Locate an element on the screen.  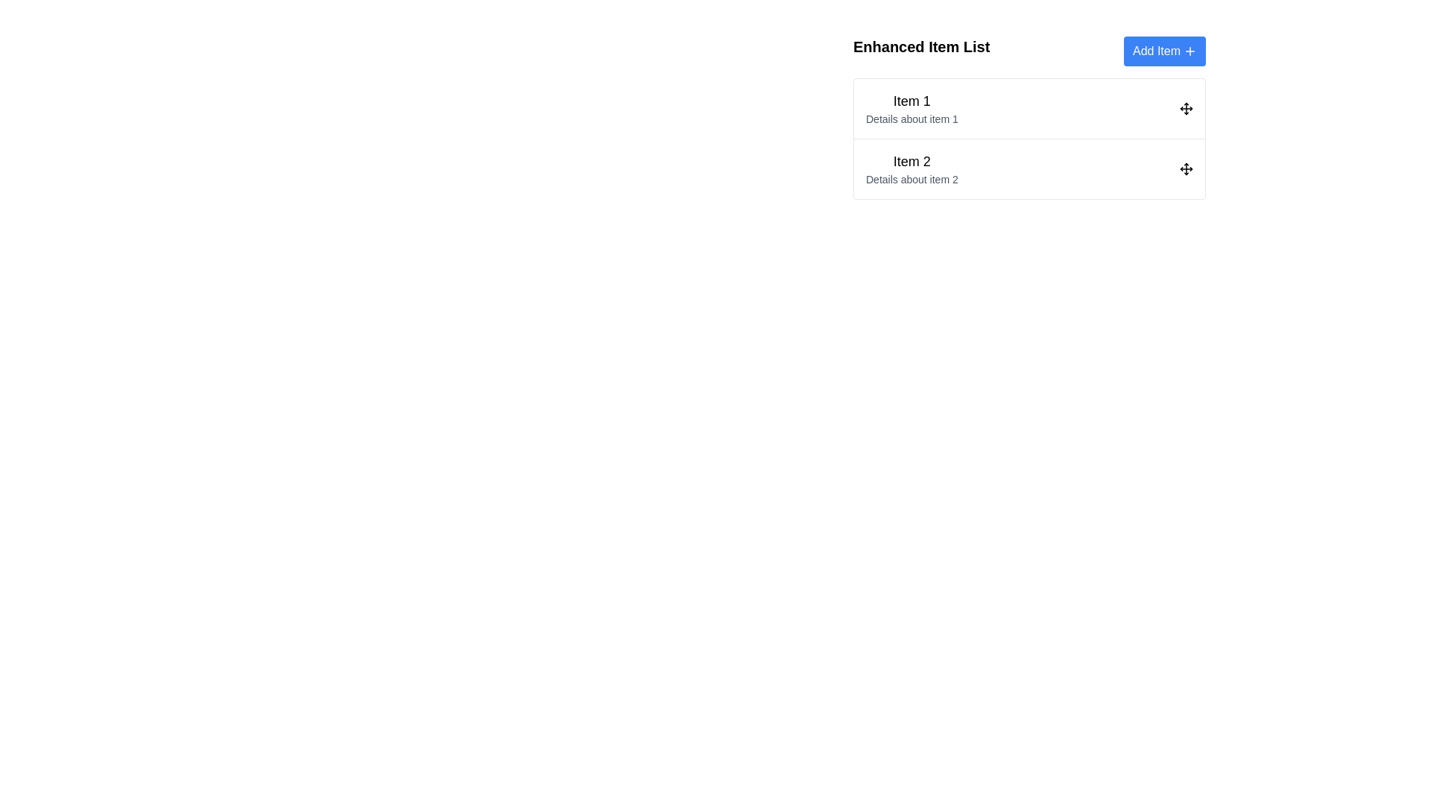
the text label that contains 'Details about item 2', which is styled in gray and positioned directly below the main title 'Item 2' in the Enhanced Item List is located at coordinates (911, 178).